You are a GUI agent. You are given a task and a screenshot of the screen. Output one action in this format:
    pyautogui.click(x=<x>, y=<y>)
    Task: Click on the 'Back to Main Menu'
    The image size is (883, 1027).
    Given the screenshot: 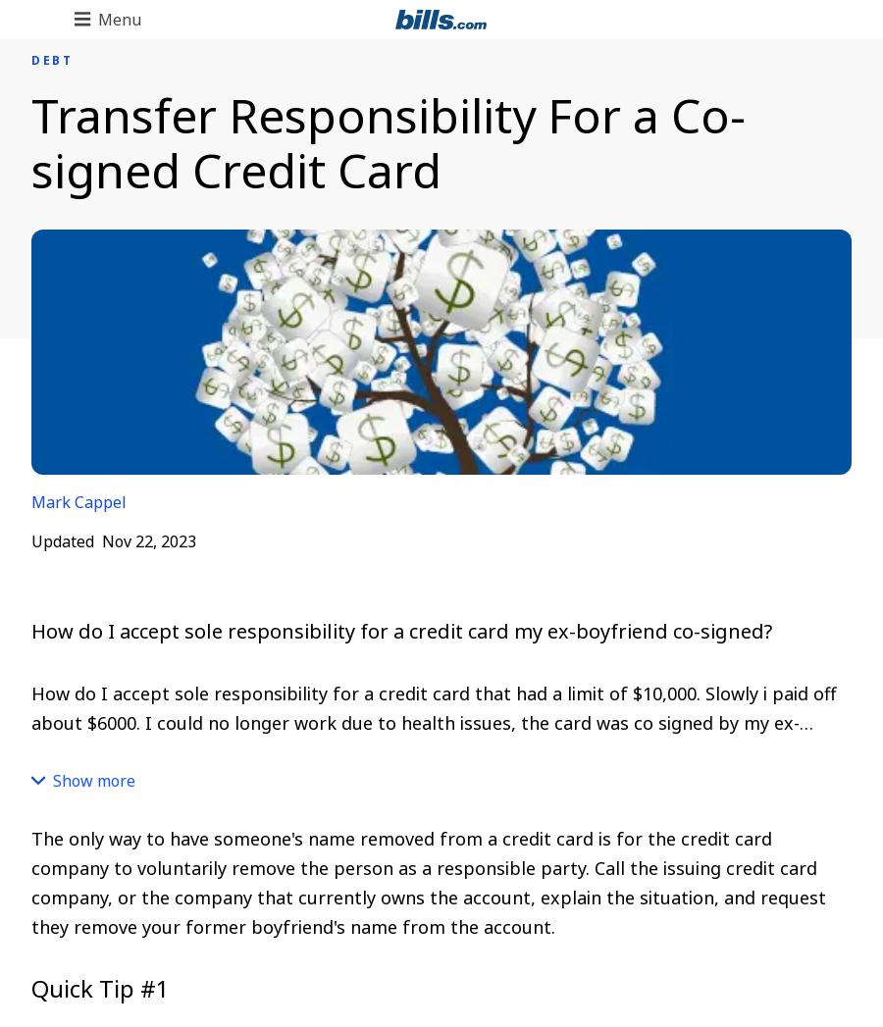 What is the action you would take?
    pyautogui.click(x=89, y=77)
    